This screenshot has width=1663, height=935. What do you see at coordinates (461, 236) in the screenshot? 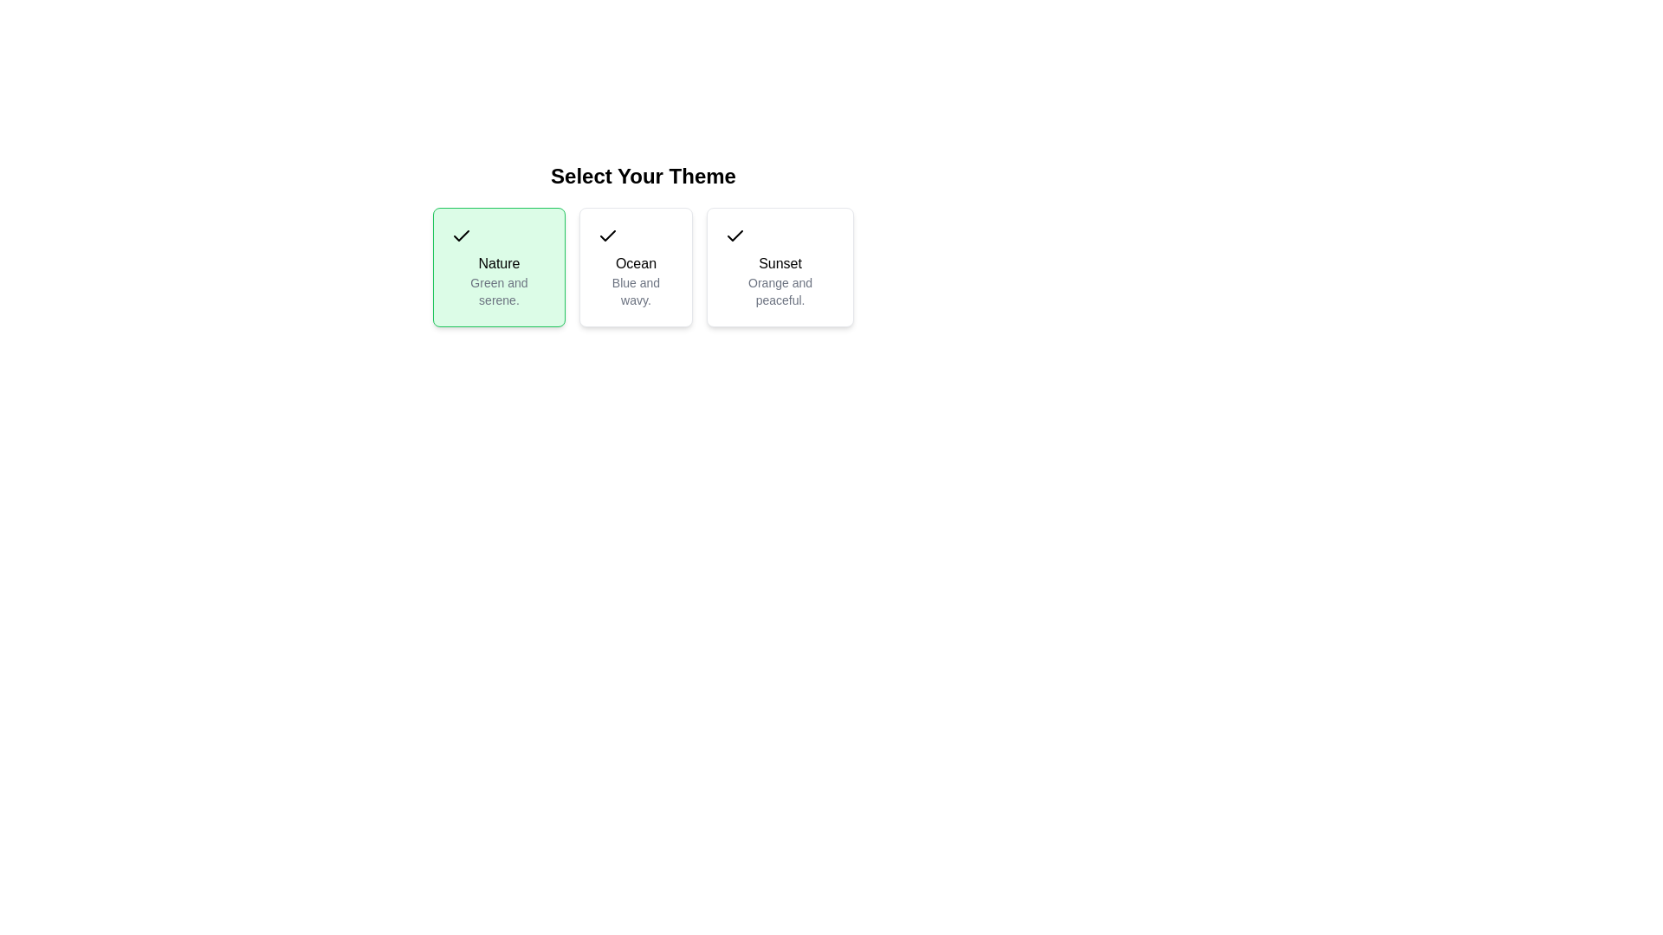
I see `the checkmark icon representing the selection of the 'Nature' theme option, located in the top-left corner of the green rectangle in the first card under 'Select Your Theme'` at bounding box center [461, 236].